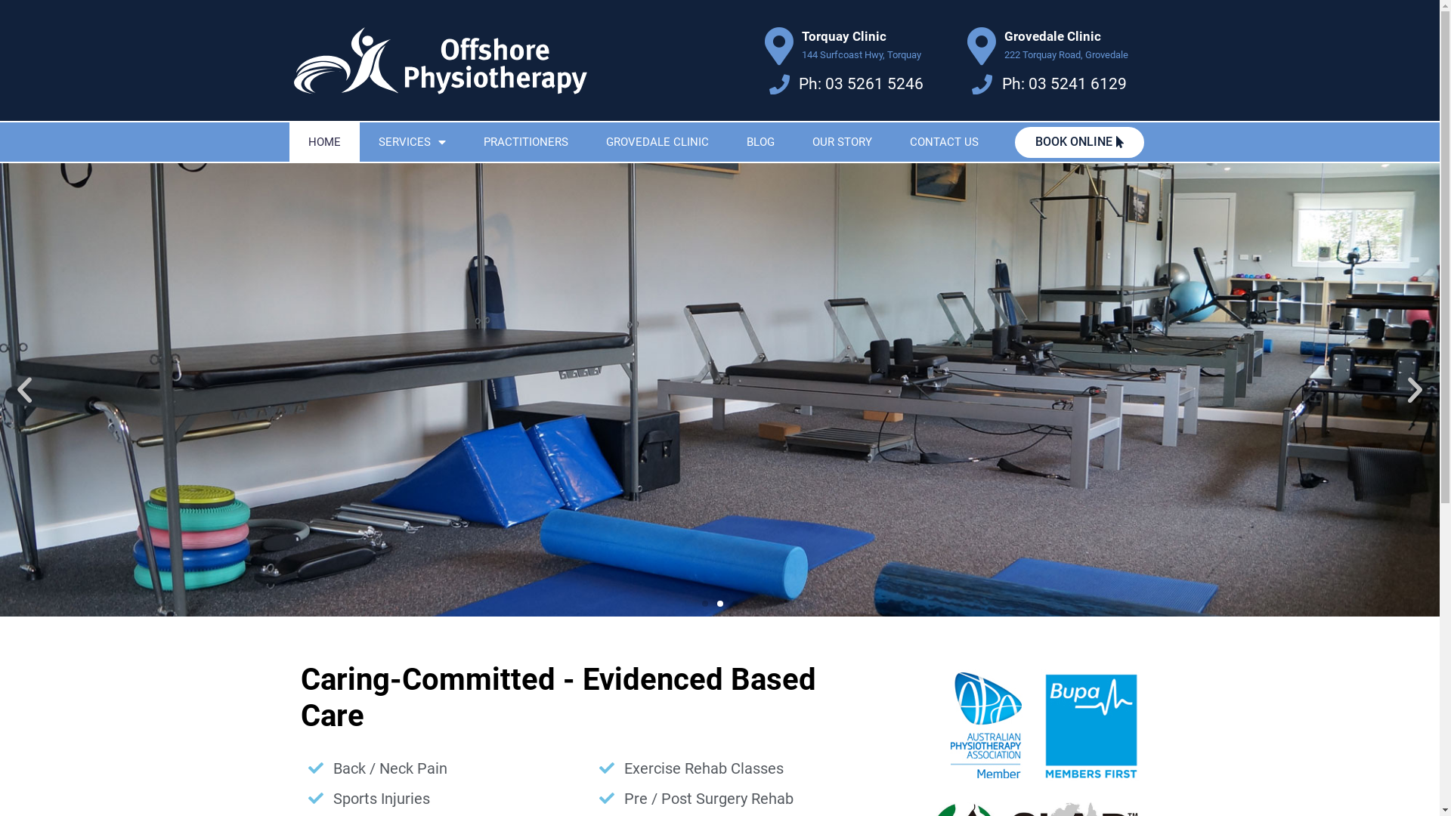 This screenshot has width=1451, height=816. Describe the element at coordinates (942, 142) in the screenshot. I see `'CONTACT US'` at that location.